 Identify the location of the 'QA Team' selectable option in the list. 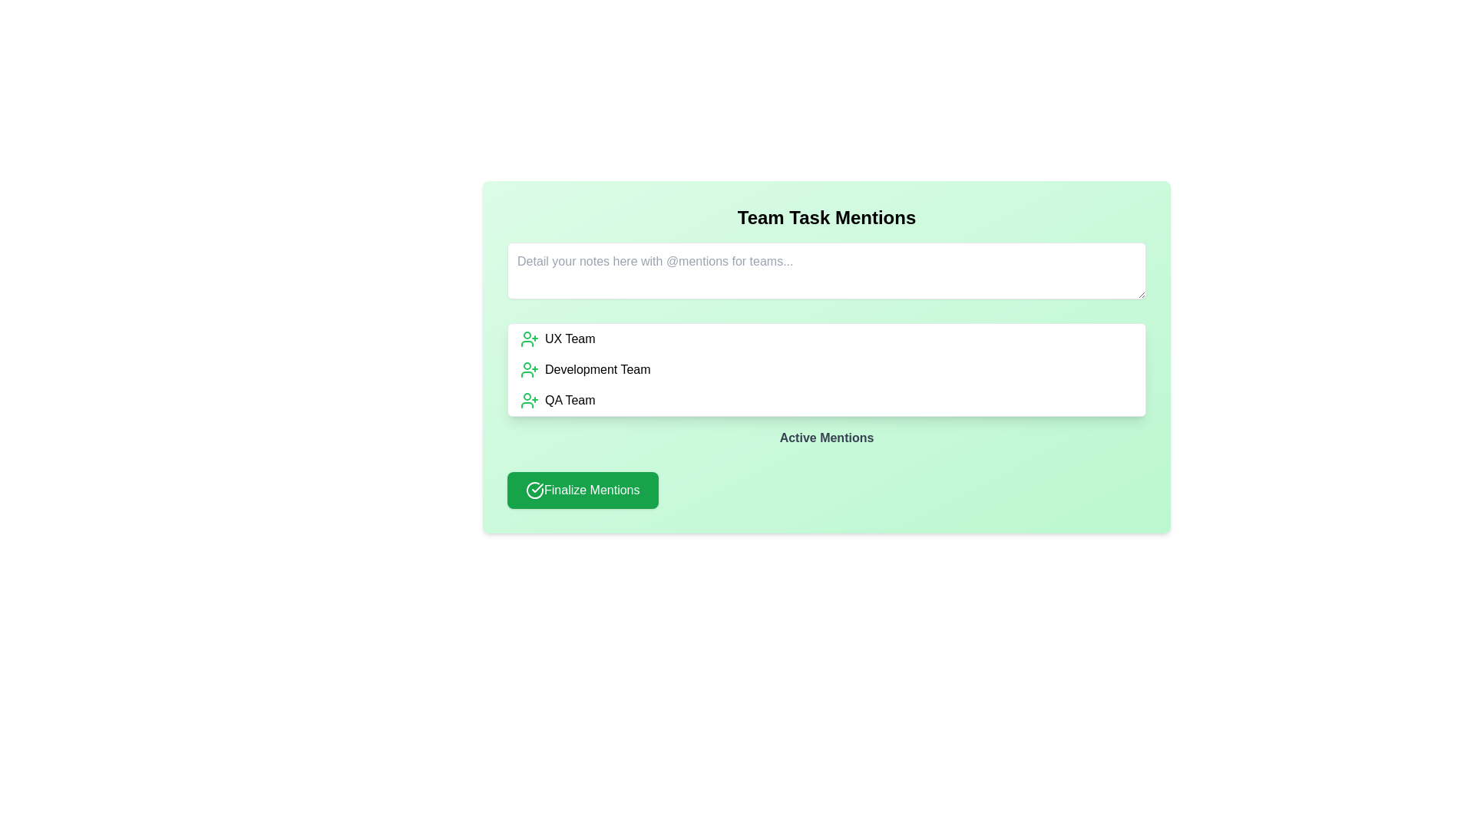
(825, 399).